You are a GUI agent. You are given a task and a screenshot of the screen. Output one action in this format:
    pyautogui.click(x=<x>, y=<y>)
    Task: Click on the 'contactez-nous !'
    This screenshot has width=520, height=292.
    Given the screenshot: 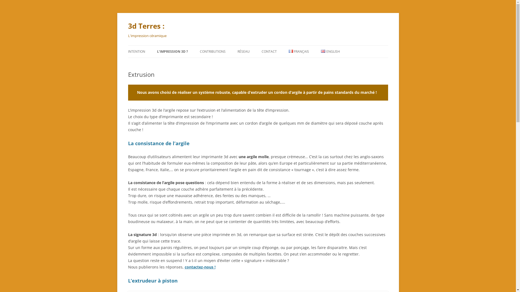 What is the action you would take?
    pyautogui.click(x=200, y=267)
    